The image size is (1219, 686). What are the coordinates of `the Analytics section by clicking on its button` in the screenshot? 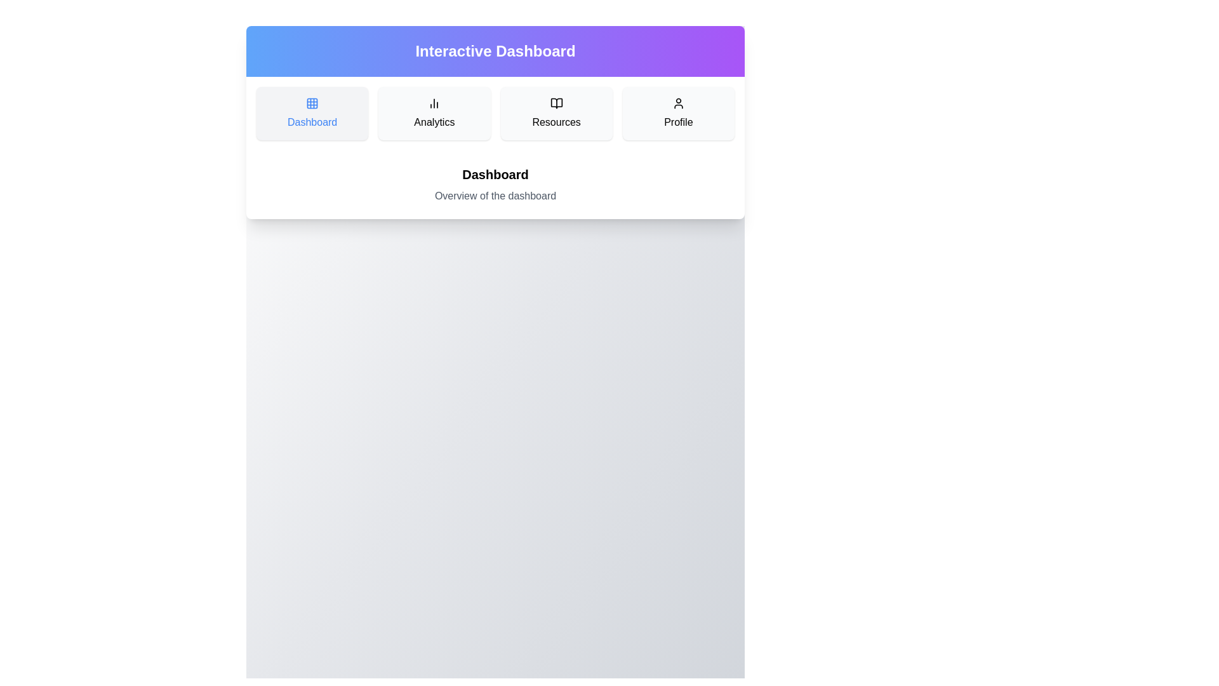 It's located at (434, 112).